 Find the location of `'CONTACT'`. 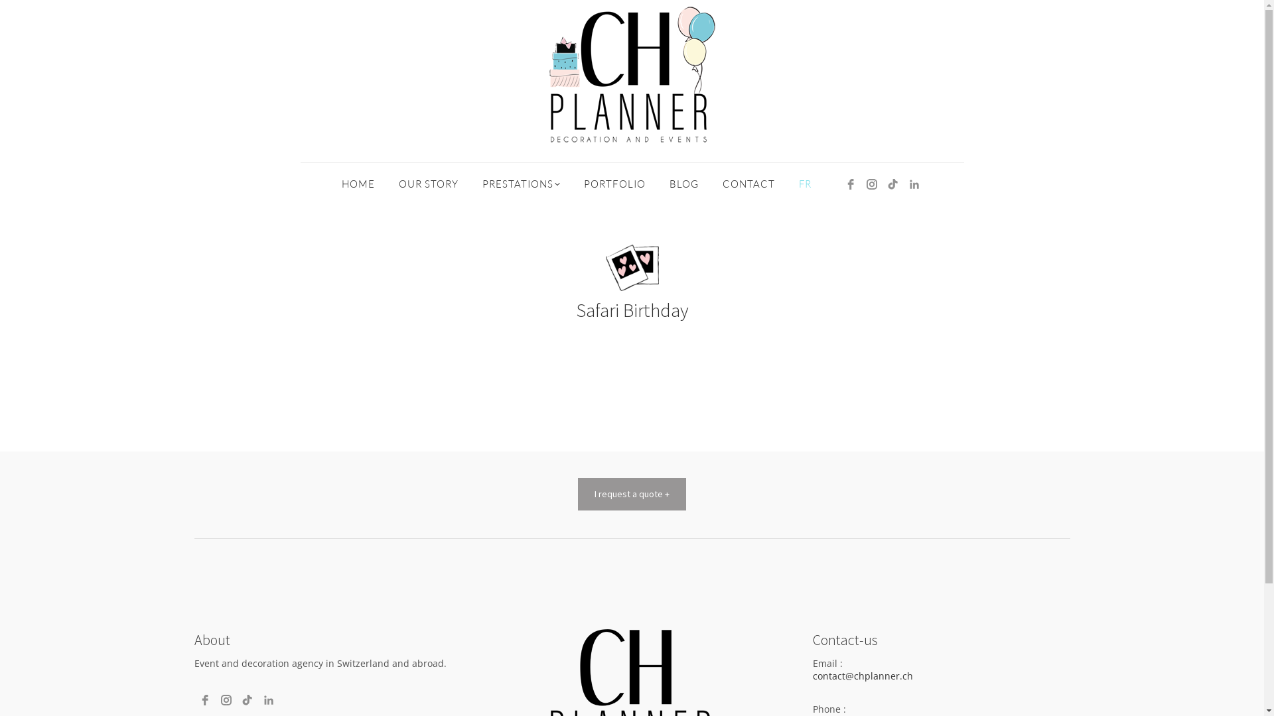

'CONTACT' is located at coordinates (748, 184).